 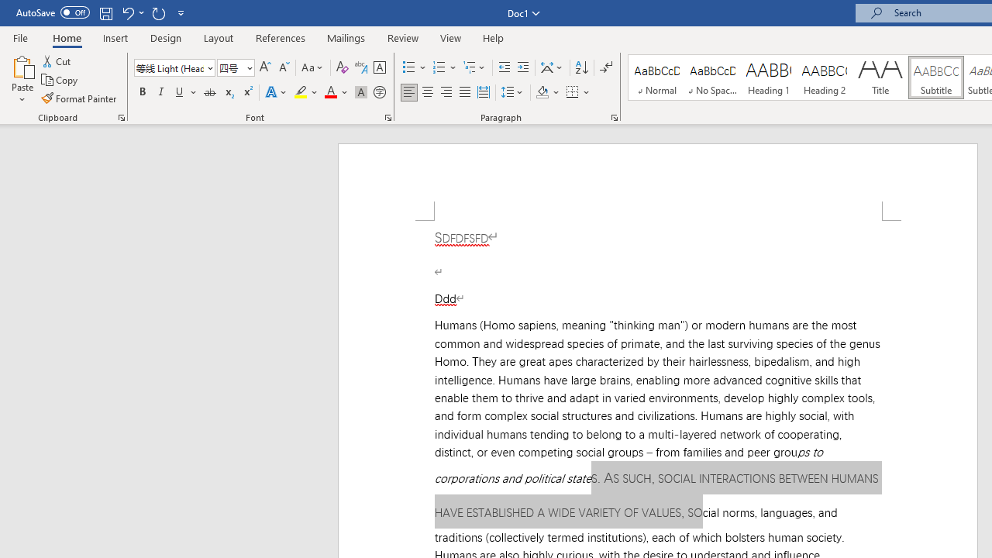 What do you see at coordinates (444, 67) in the screenshot?
I see `'Numbering'` at bounding box center [444, 67].